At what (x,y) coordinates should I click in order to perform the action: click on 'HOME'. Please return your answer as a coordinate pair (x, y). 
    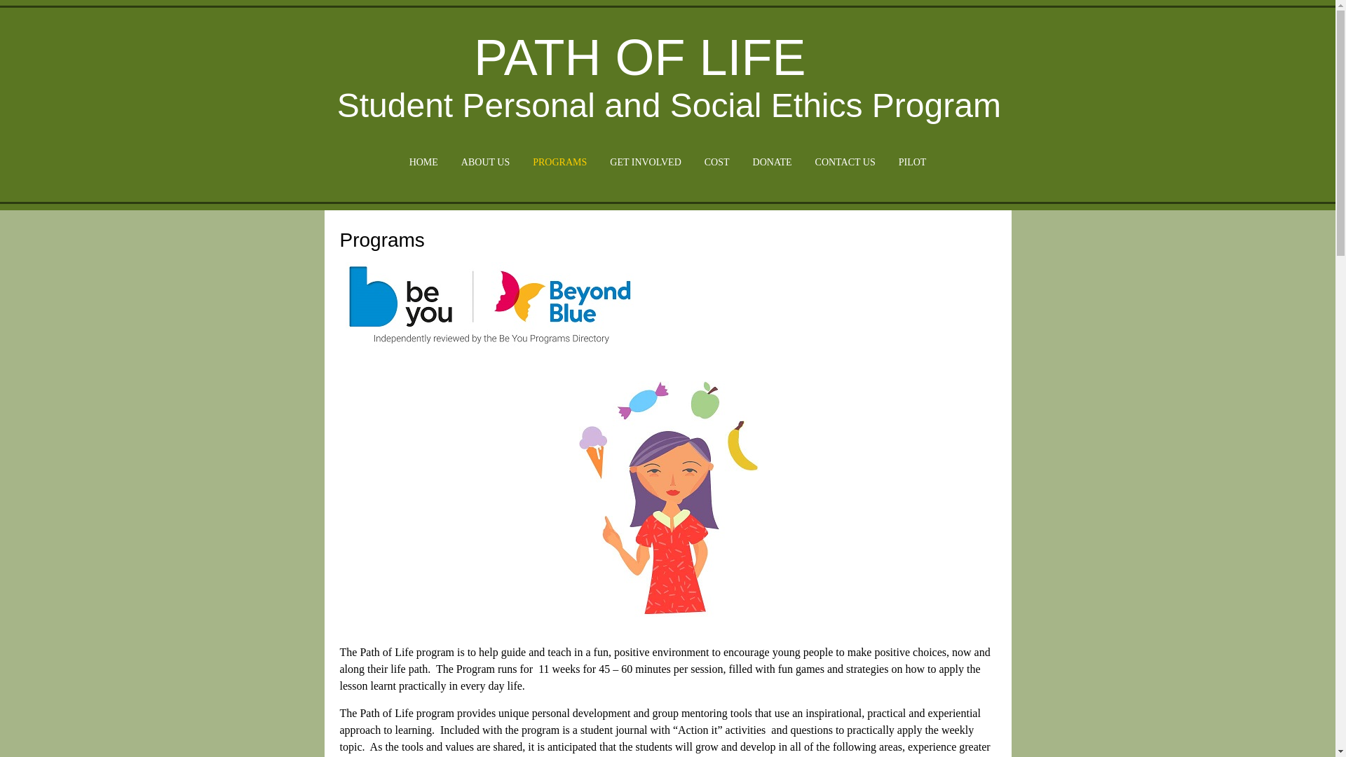
    Looking at the image, I should click on (423, 161).